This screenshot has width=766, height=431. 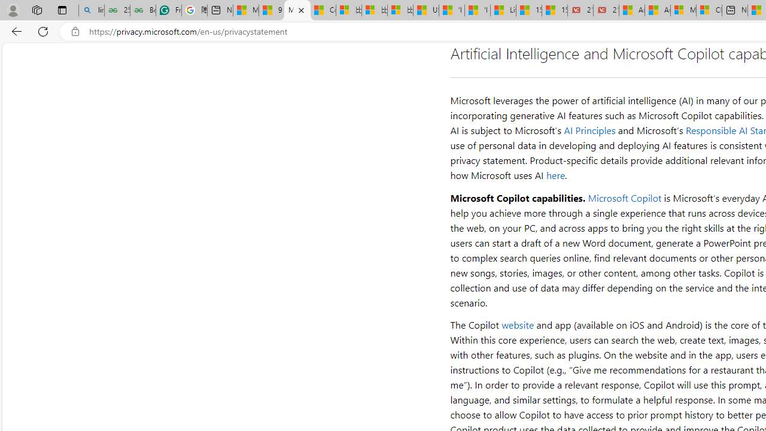 What do you see at coordinates (606, 10) in the screenshot?
I see `'21 Movies That Outdid the Books They Were Based On'` at bounding box center [606, 10].